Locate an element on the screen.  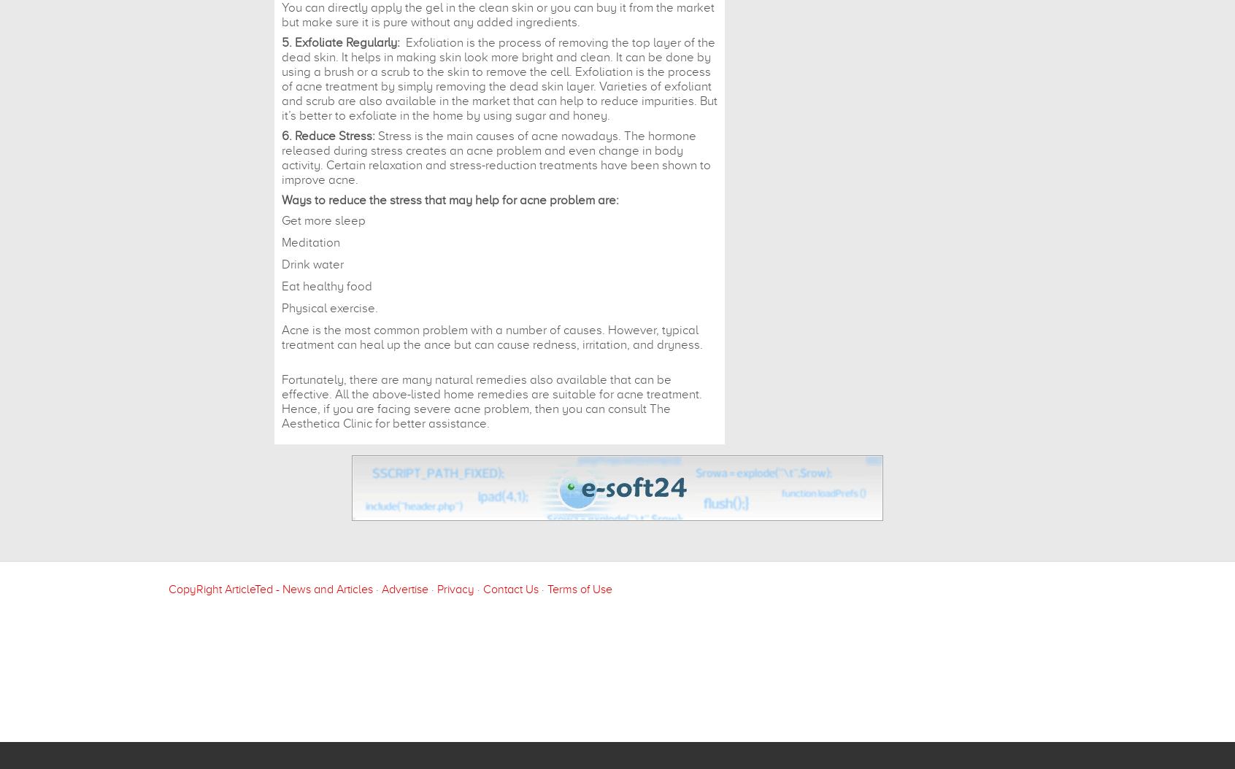
'Advertise' is located at coordinates (404, 588).